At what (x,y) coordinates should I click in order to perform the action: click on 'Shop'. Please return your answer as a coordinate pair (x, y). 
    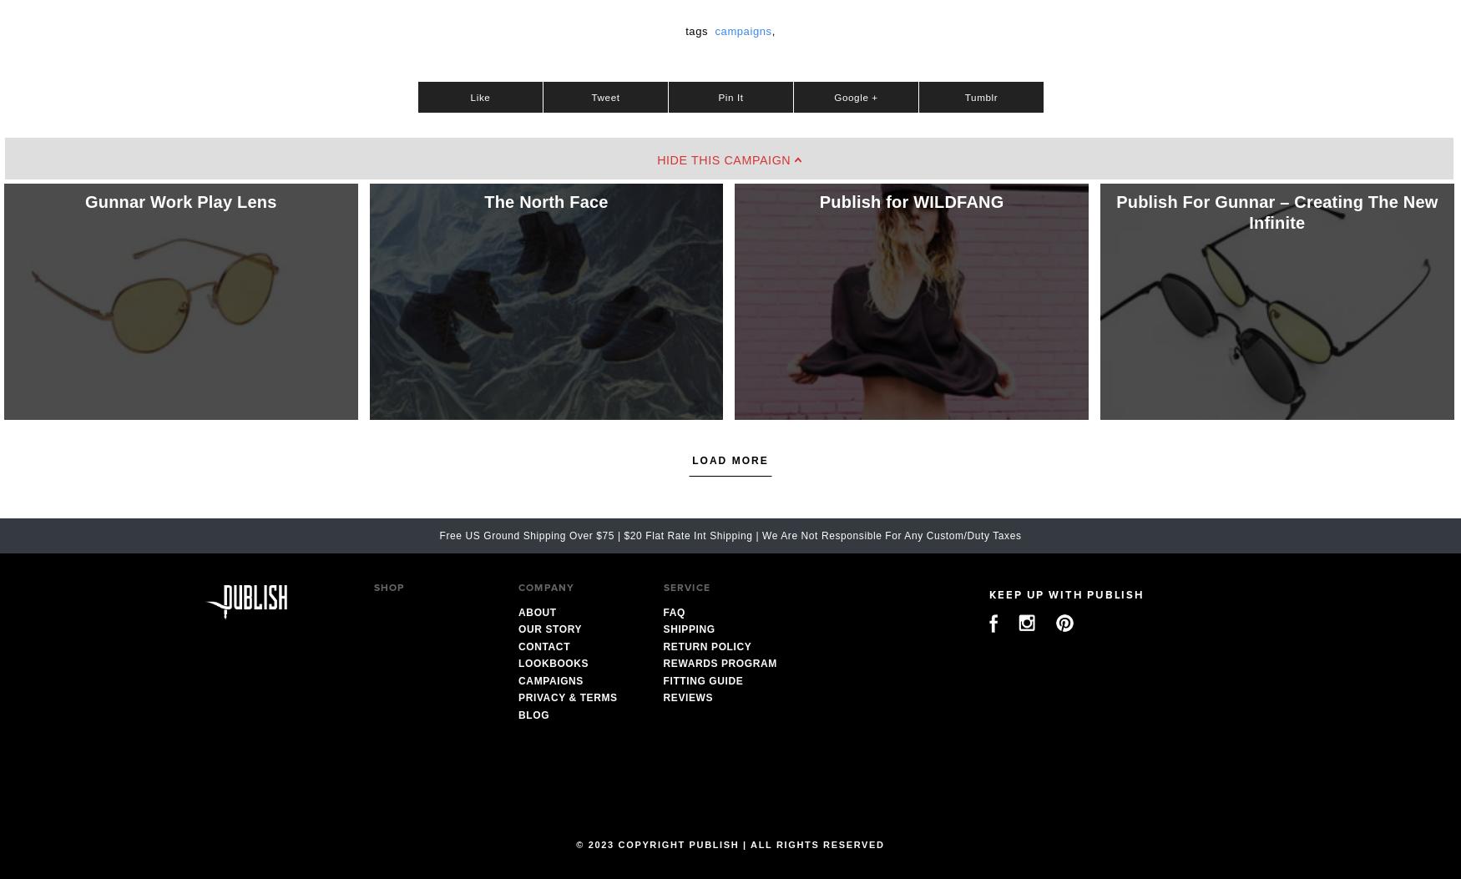
    Looking at the image, I should click on (389, 588).